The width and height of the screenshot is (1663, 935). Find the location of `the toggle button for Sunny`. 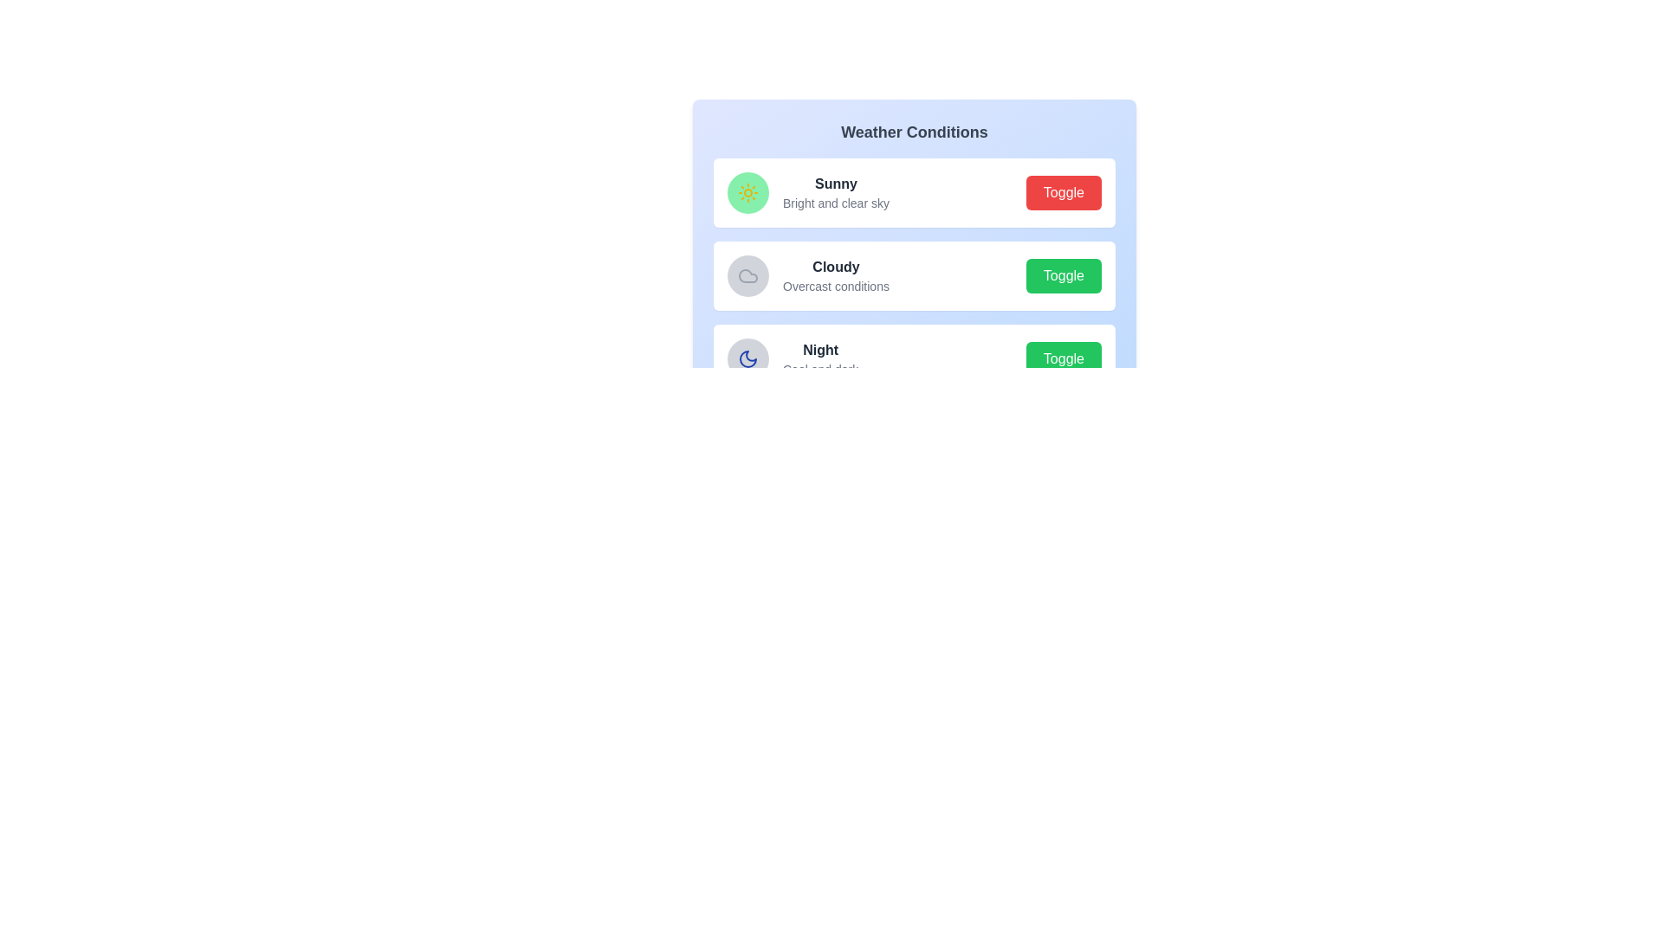

the toggle button for Sunny is located at coordinates (1063, 193).